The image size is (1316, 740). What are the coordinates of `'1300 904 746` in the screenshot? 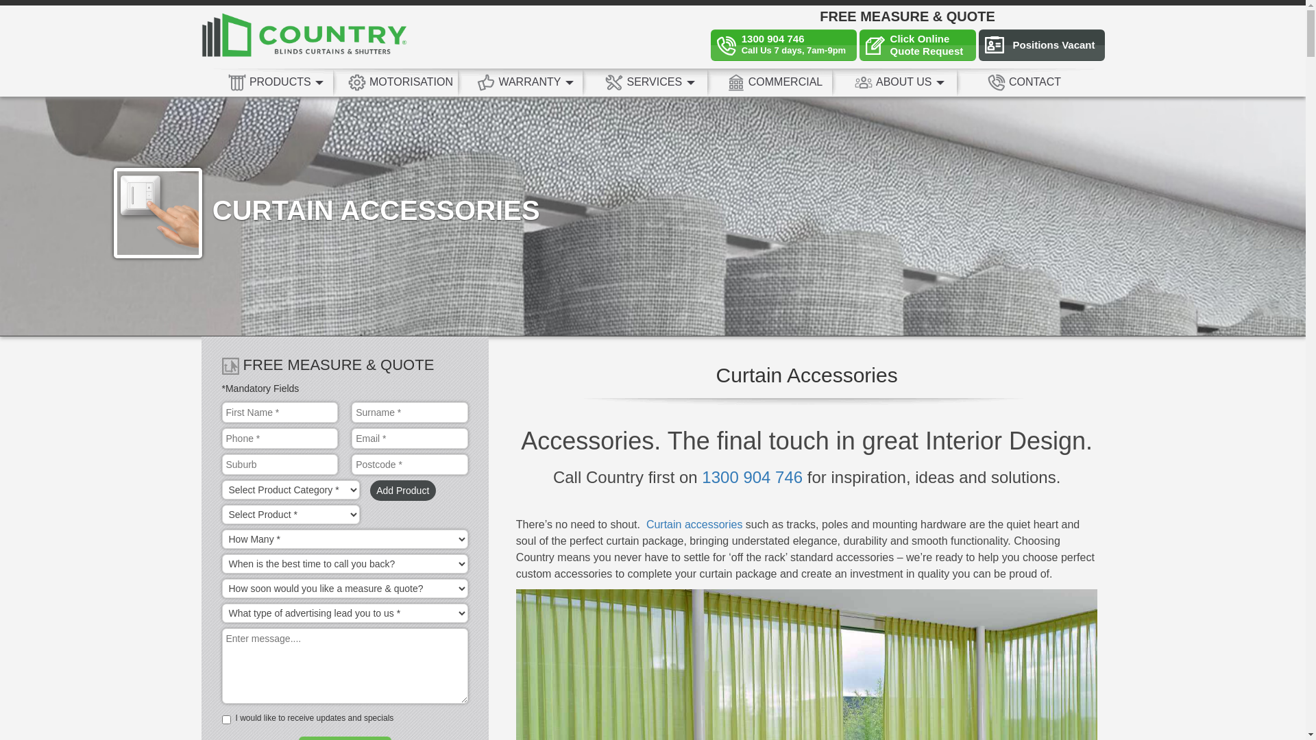 It's located at (783, 44).